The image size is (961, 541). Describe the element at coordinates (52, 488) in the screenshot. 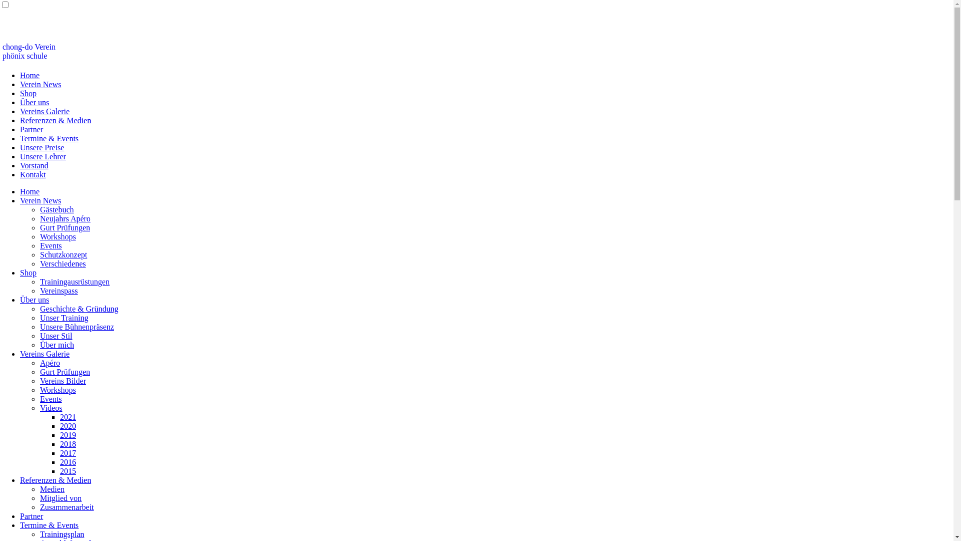

I see `'Medien'` at that location.